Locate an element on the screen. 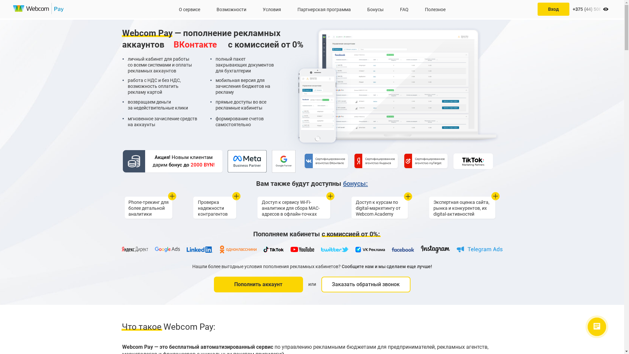 This screenshot has height=354, width=629. 'FAQ' is located at coordinates (404, 9).